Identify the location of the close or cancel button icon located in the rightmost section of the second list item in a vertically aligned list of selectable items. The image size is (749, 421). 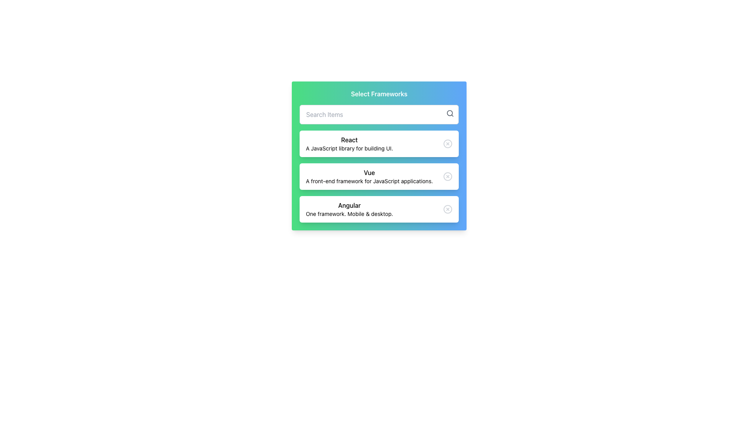
(447, 176).